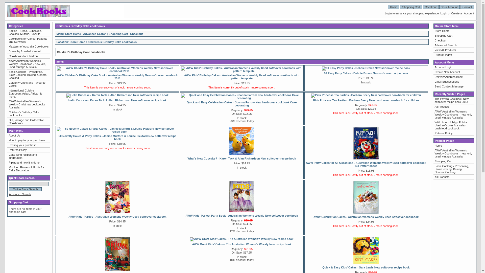 The height and width of the screenshot is (273, 485). I want to click on 'Online Store Search', so click(25, 189).